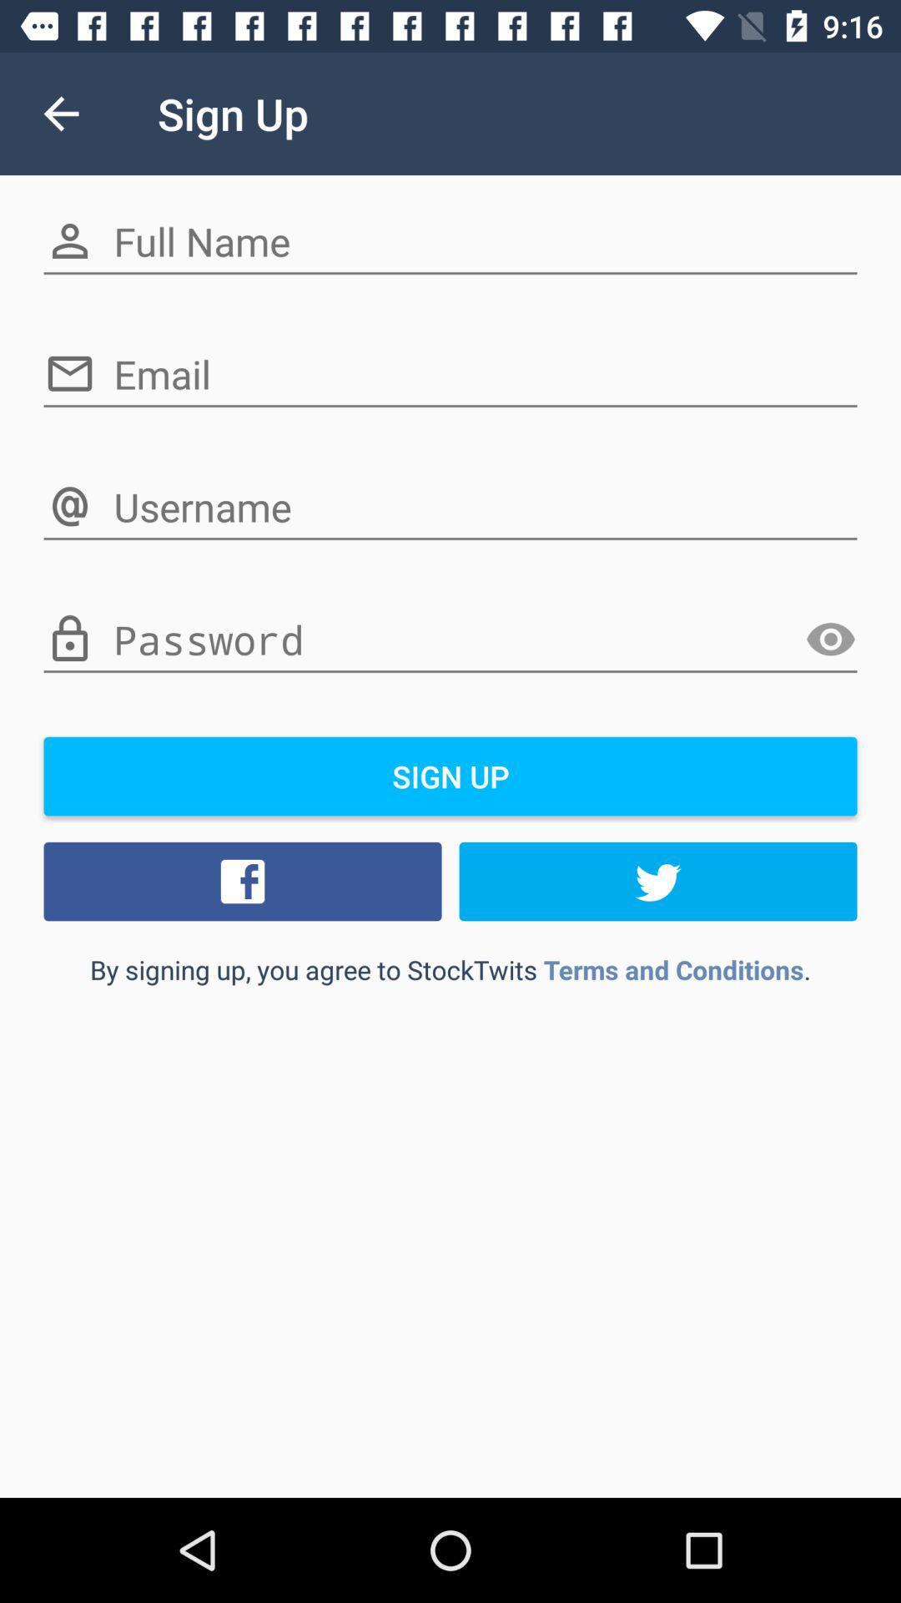  What do you see at coordinates (242, 881) in the screenshot?
I see `icon above the by signing up icon` at bounding box center [242, 881].